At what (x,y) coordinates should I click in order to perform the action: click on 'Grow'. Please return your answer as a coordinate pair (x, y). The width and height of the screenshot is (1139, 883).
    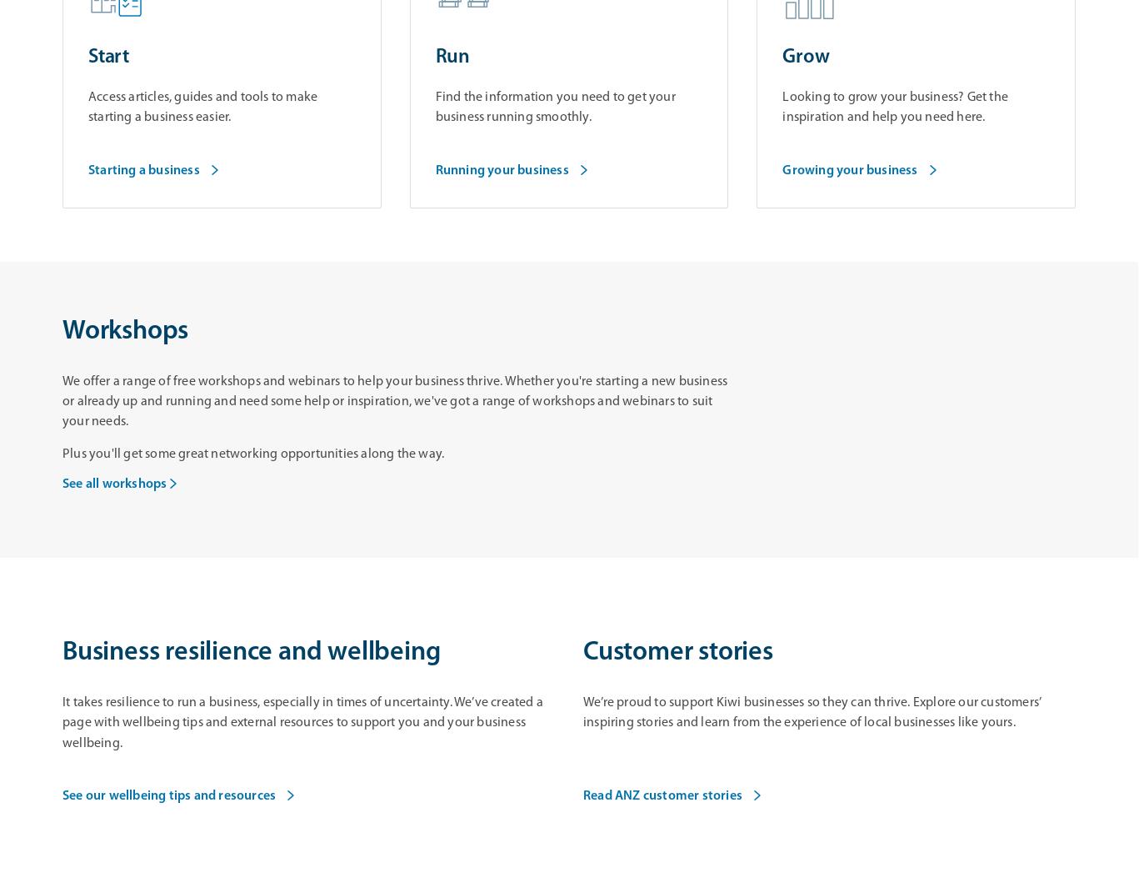
    Looking at the image, I should click on (805, 58).